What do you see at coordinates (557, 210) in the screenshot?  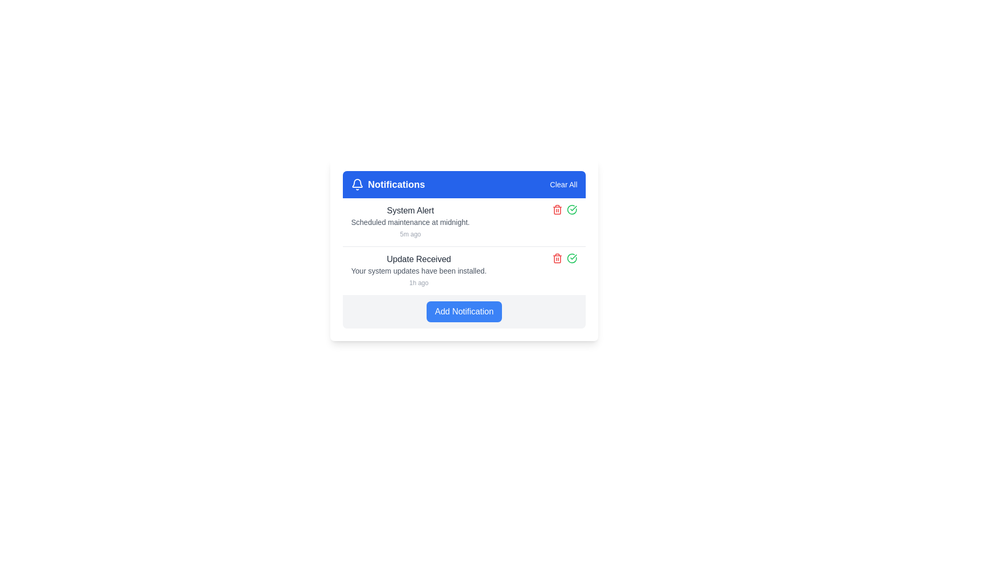 I see `the trash icon located in the notification panel under the 'System Alert' item` at bounding box center [557, 210].